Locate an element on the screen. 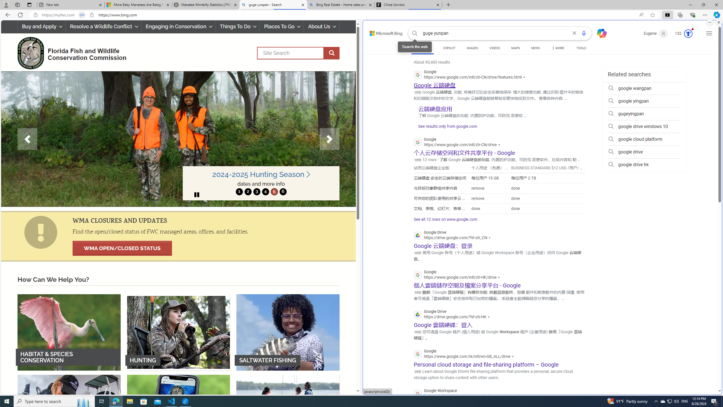  'SALTWATER FISHING' is located at coordinates (288, 332).